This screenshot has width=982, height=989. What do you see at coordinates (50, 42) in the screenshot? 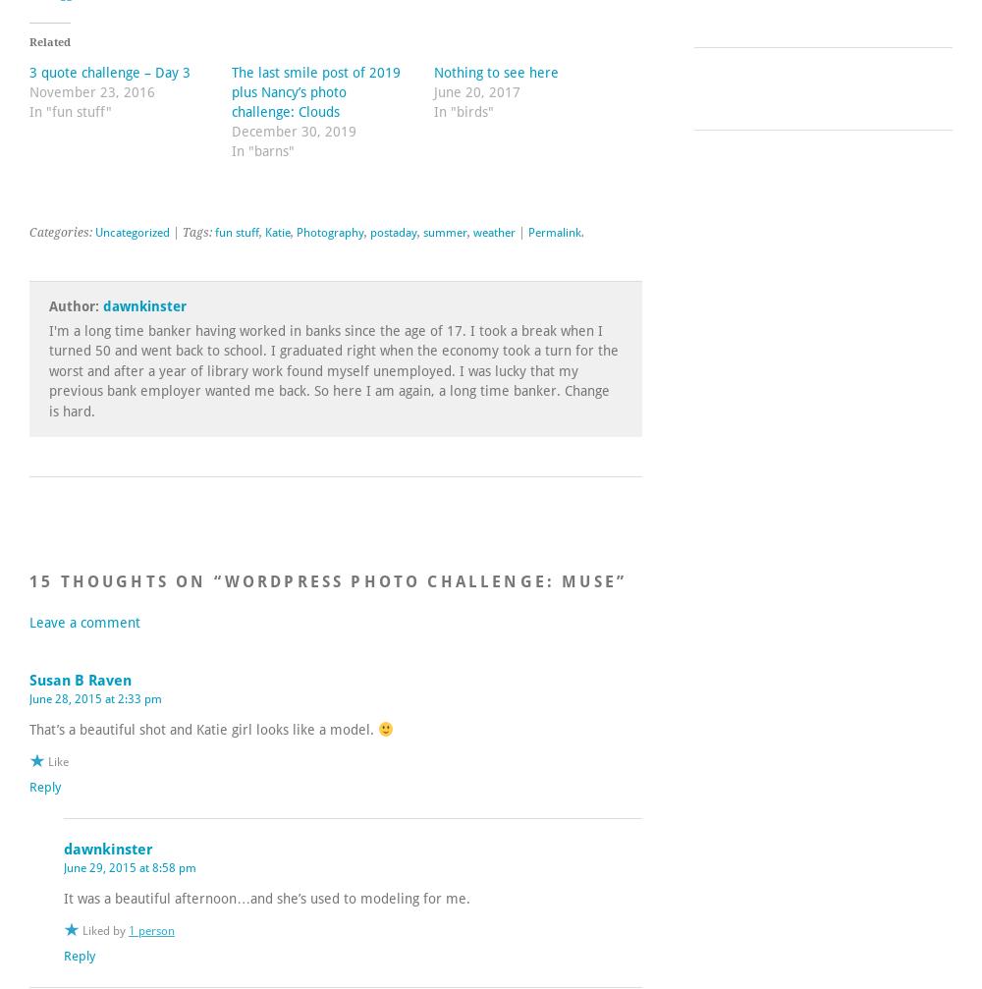
I see `'Related'` at bounding box center [50, 42].